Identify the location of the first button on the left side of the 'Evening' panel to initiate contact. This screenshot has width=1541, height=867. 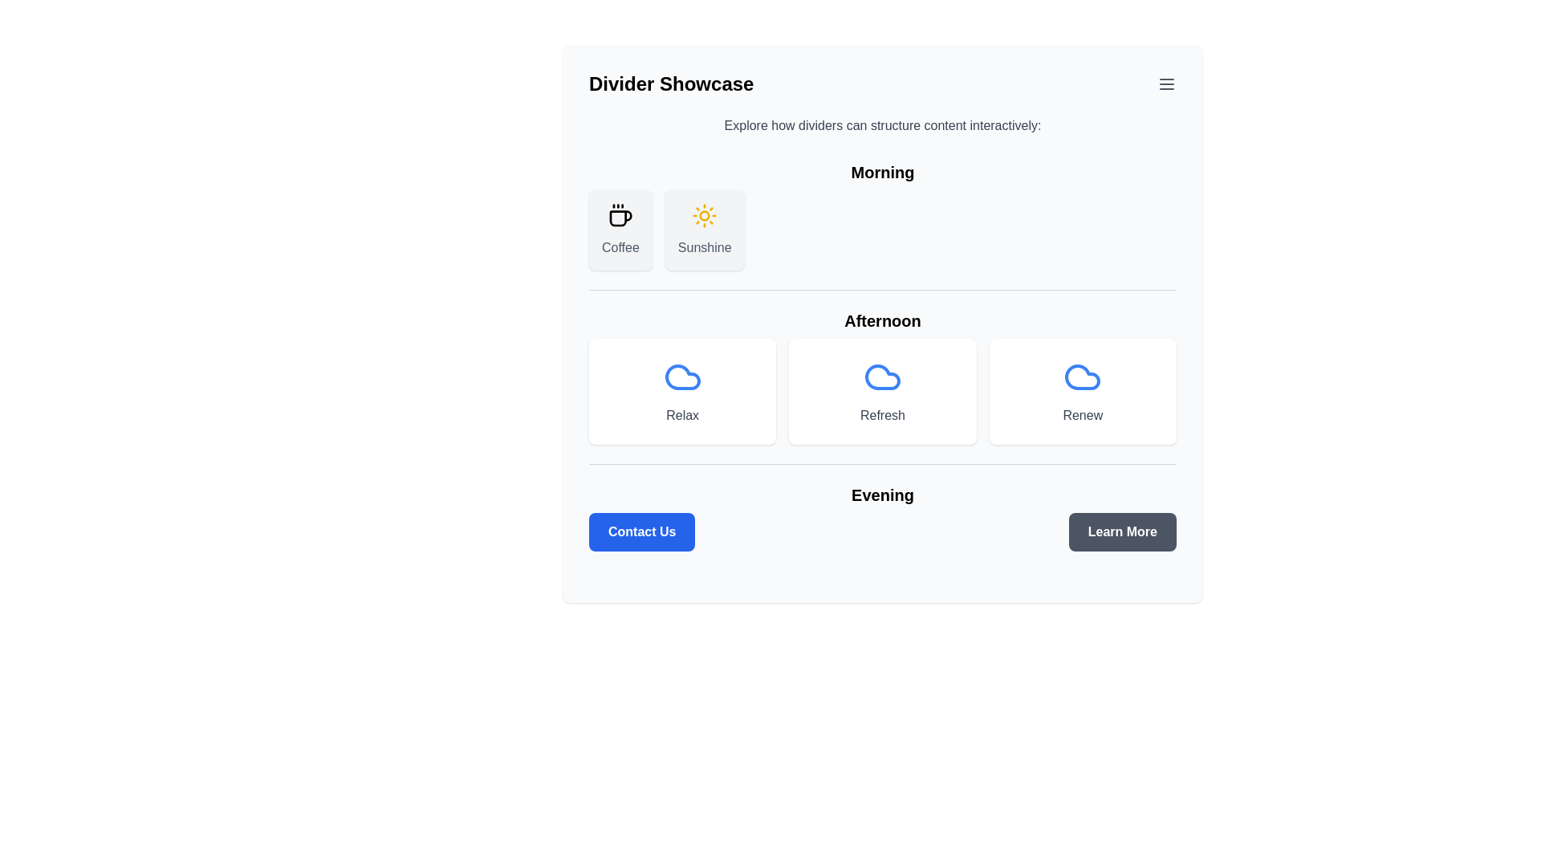
(642, 532).